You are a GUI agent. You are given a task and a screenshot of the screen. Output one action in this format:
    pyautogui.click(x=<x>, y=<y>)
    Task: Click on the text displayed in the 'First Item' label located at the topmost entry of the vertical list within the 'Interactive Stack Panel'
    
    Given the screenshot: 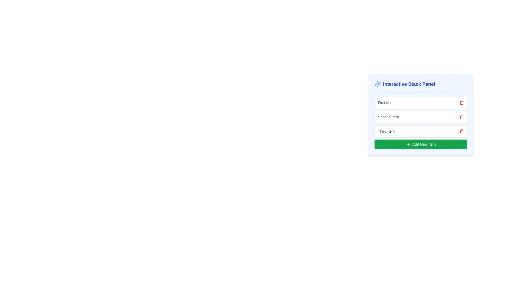 What is the action you would take?
    pyautogui.click(x=386, y=103)
    